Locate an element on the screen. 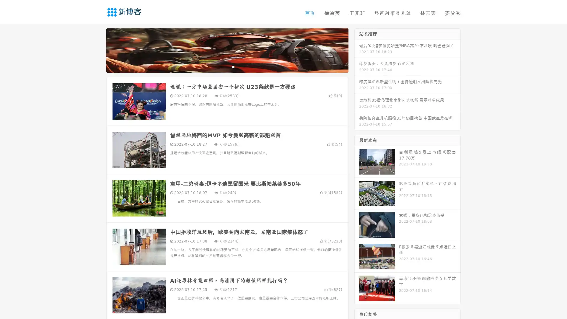  Go to slide 2 is located at coordinates (227, 66).